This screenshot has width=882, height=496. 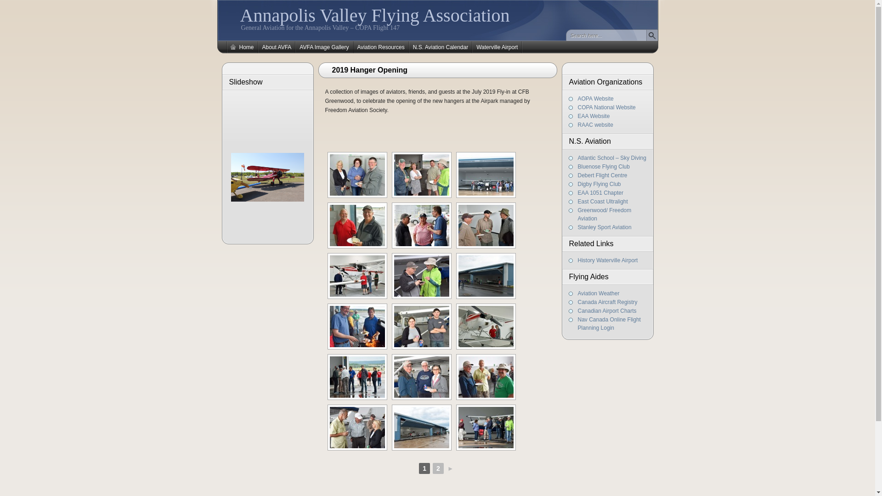 I want to click on 'Canada Aircraft Registry', so click(x=608, y=302).